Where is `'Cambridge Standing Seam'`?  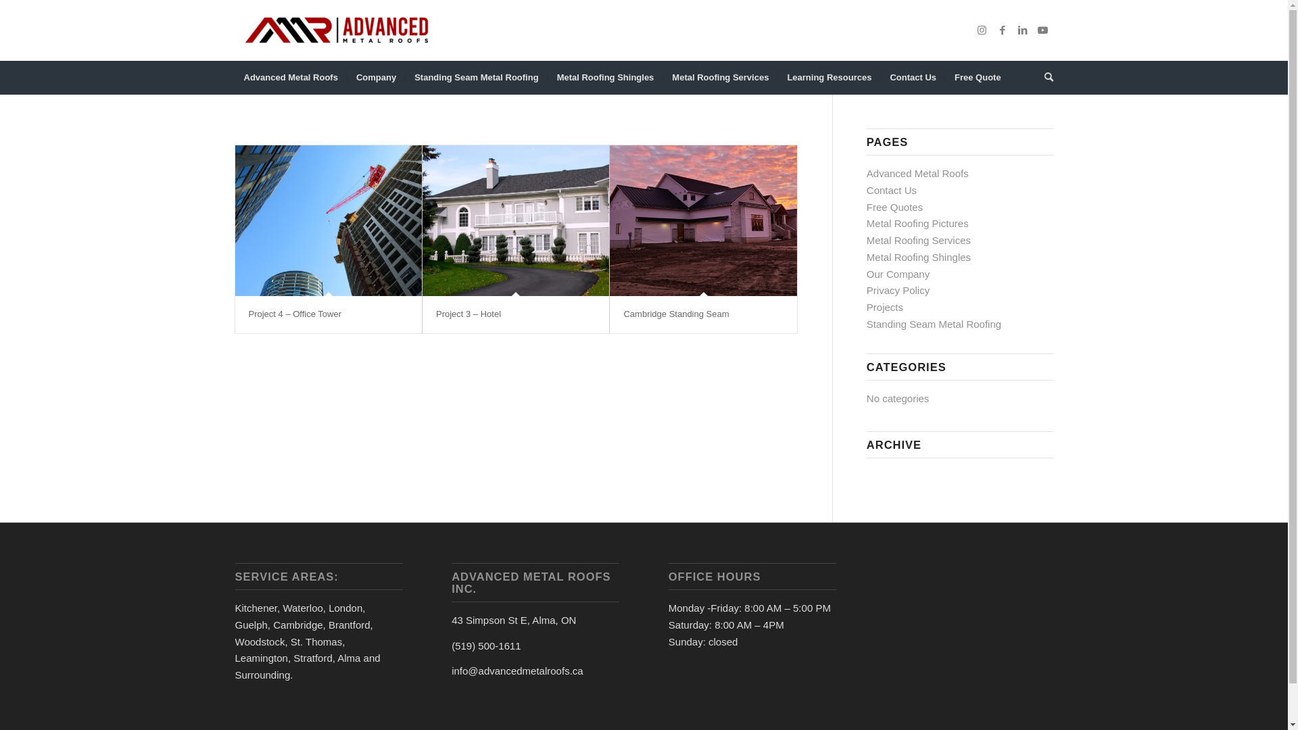 'Cambridge Standing Seam' is located at coordinates (703, 220).